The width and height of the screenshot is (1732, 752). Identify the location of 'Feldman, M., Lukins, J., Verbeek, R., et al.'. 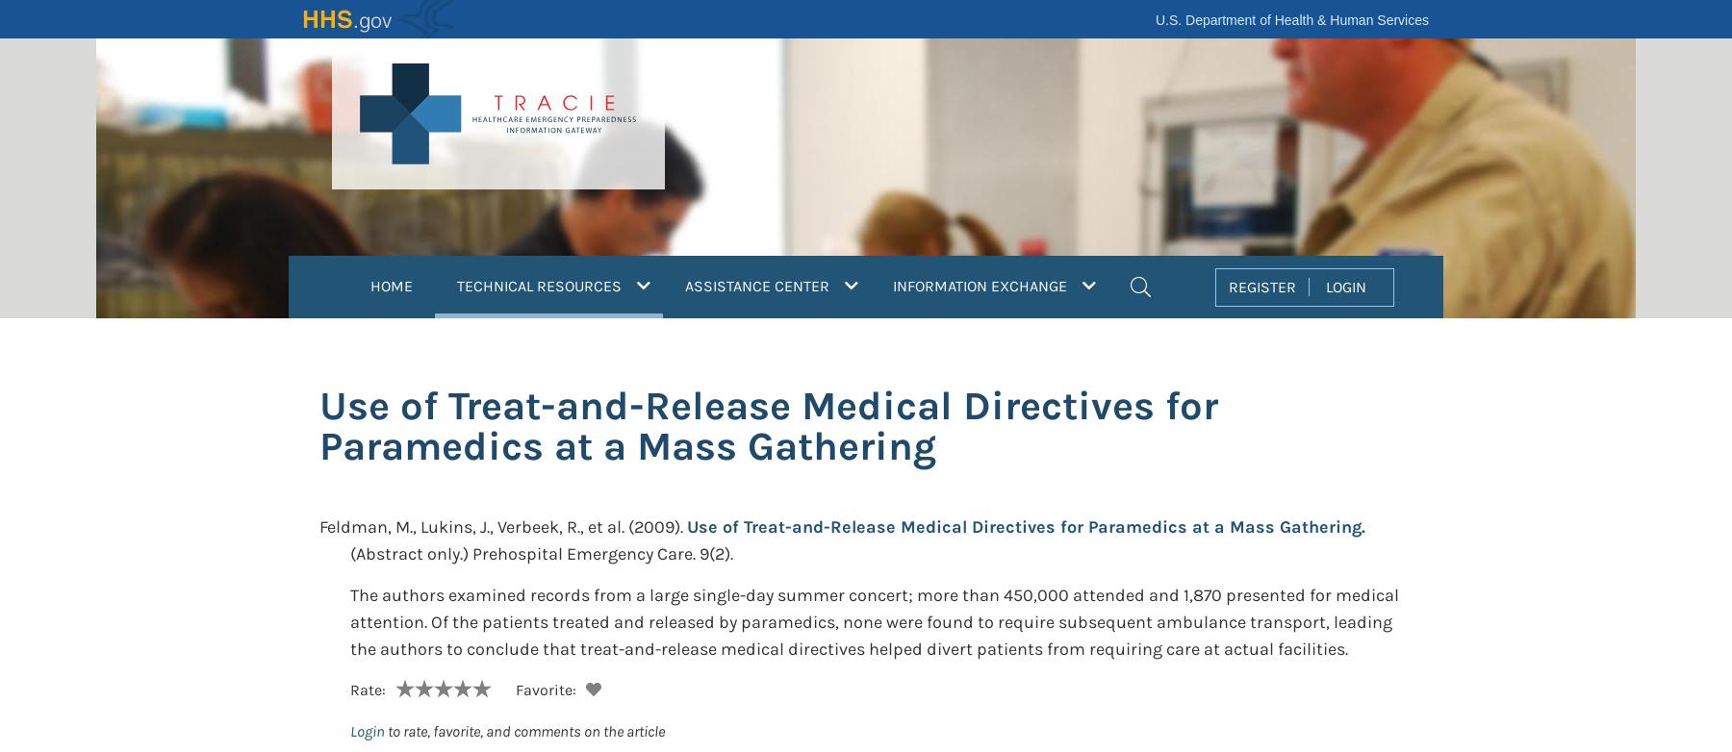
(318, 527).